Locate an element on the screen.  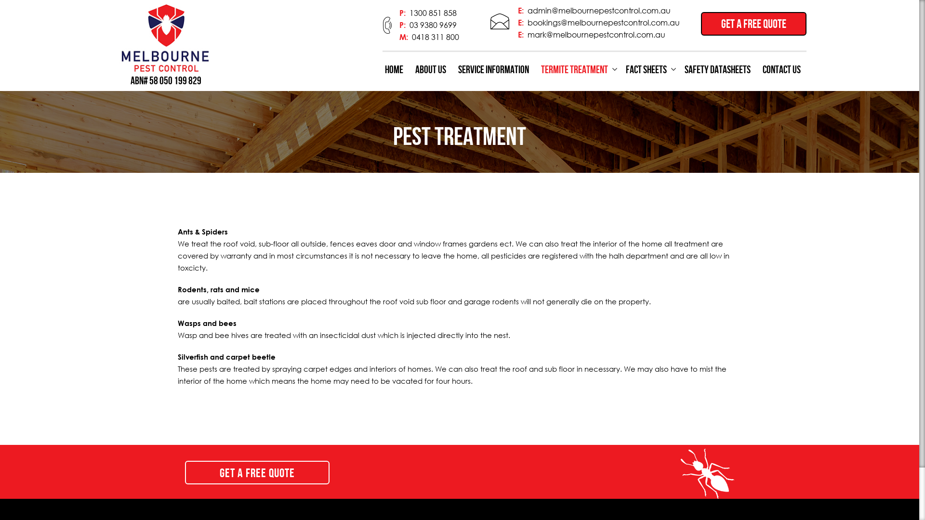
'CONTACT US' is located at coordinates (758, 68).